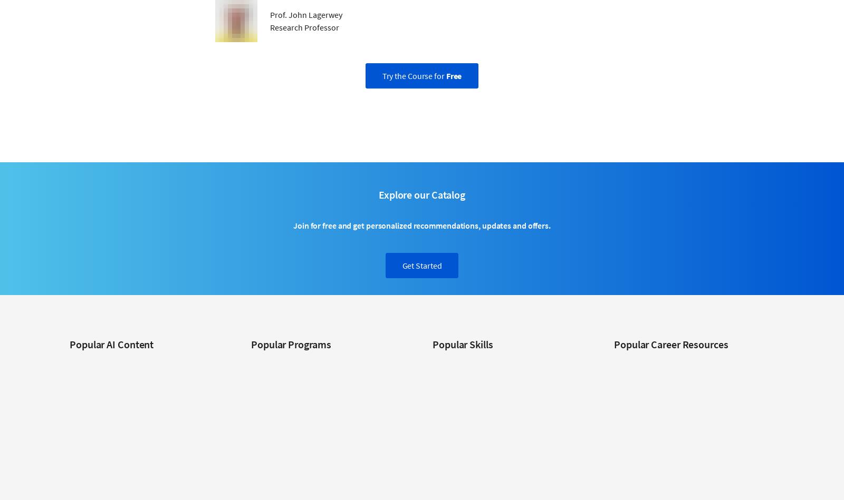 The height and width of the screenshot is (500, 844). I want to click on 'Excel Courses', so click(453, 426).